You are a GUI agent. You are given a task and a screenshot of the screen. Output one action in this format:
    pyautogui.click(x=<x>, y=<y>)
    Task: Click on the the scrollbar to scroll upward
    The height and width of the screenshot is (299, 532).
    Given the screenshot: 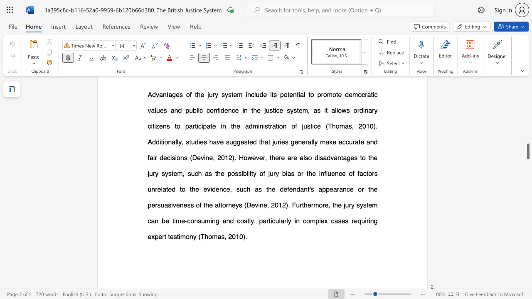 What is the action you would take?
    pyautogui.click(x=527, y=182)
    